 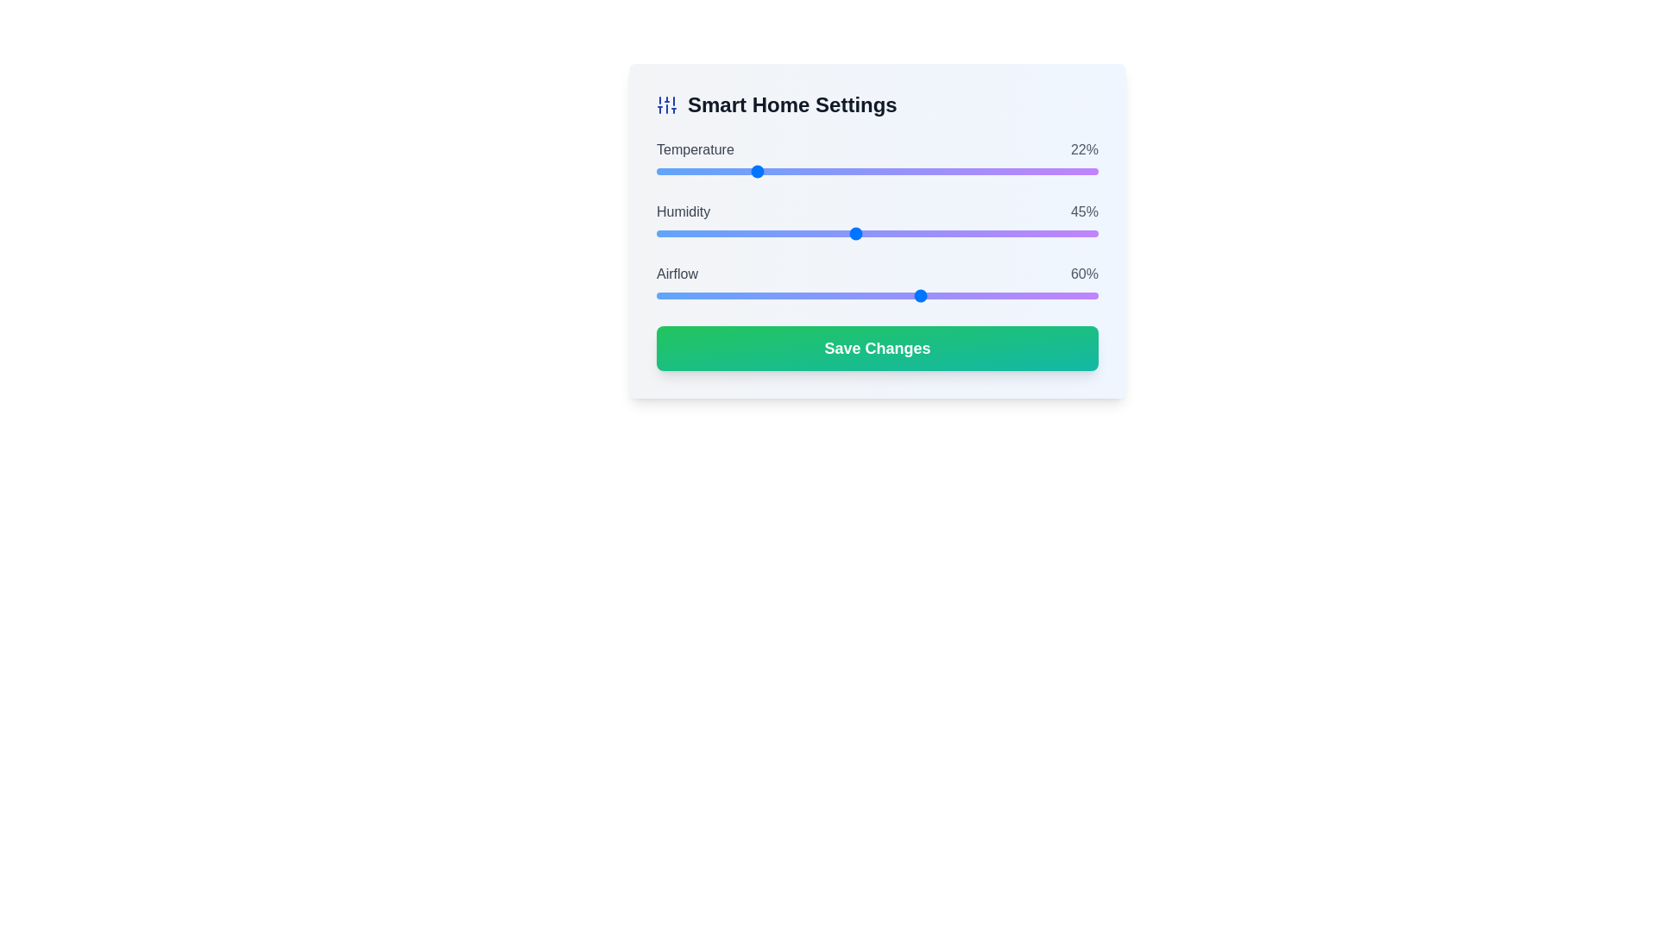 I want to click on the slider, so click(x=736, y=172).